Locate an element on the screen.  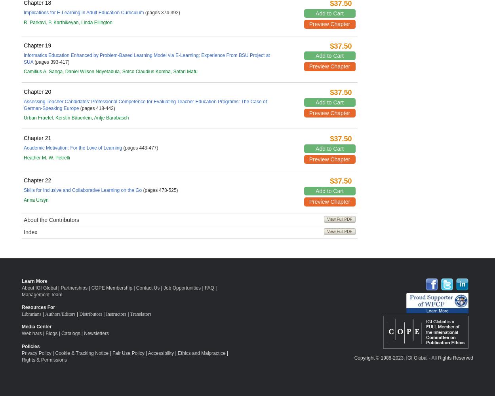
'Instructors' is located at coordinates (106, 313).